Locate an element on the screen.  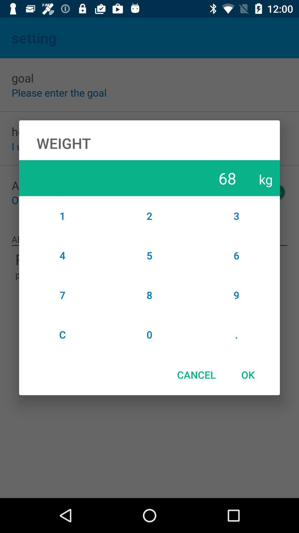
the 1 icon is located at coordinates (62, 215).